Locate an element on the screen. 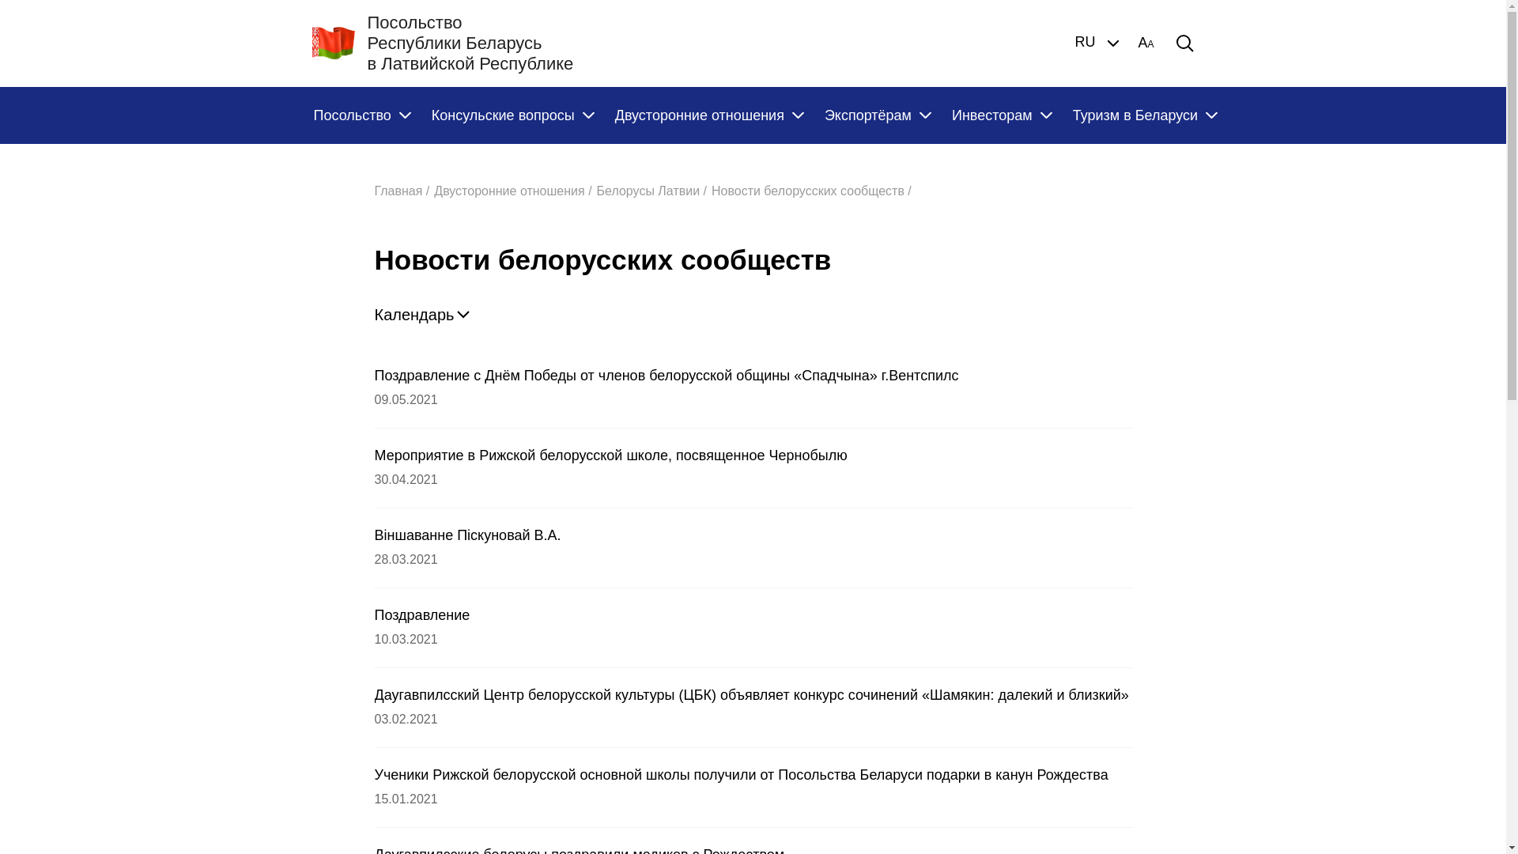  'AA' is located at coordinates (1146, 42).